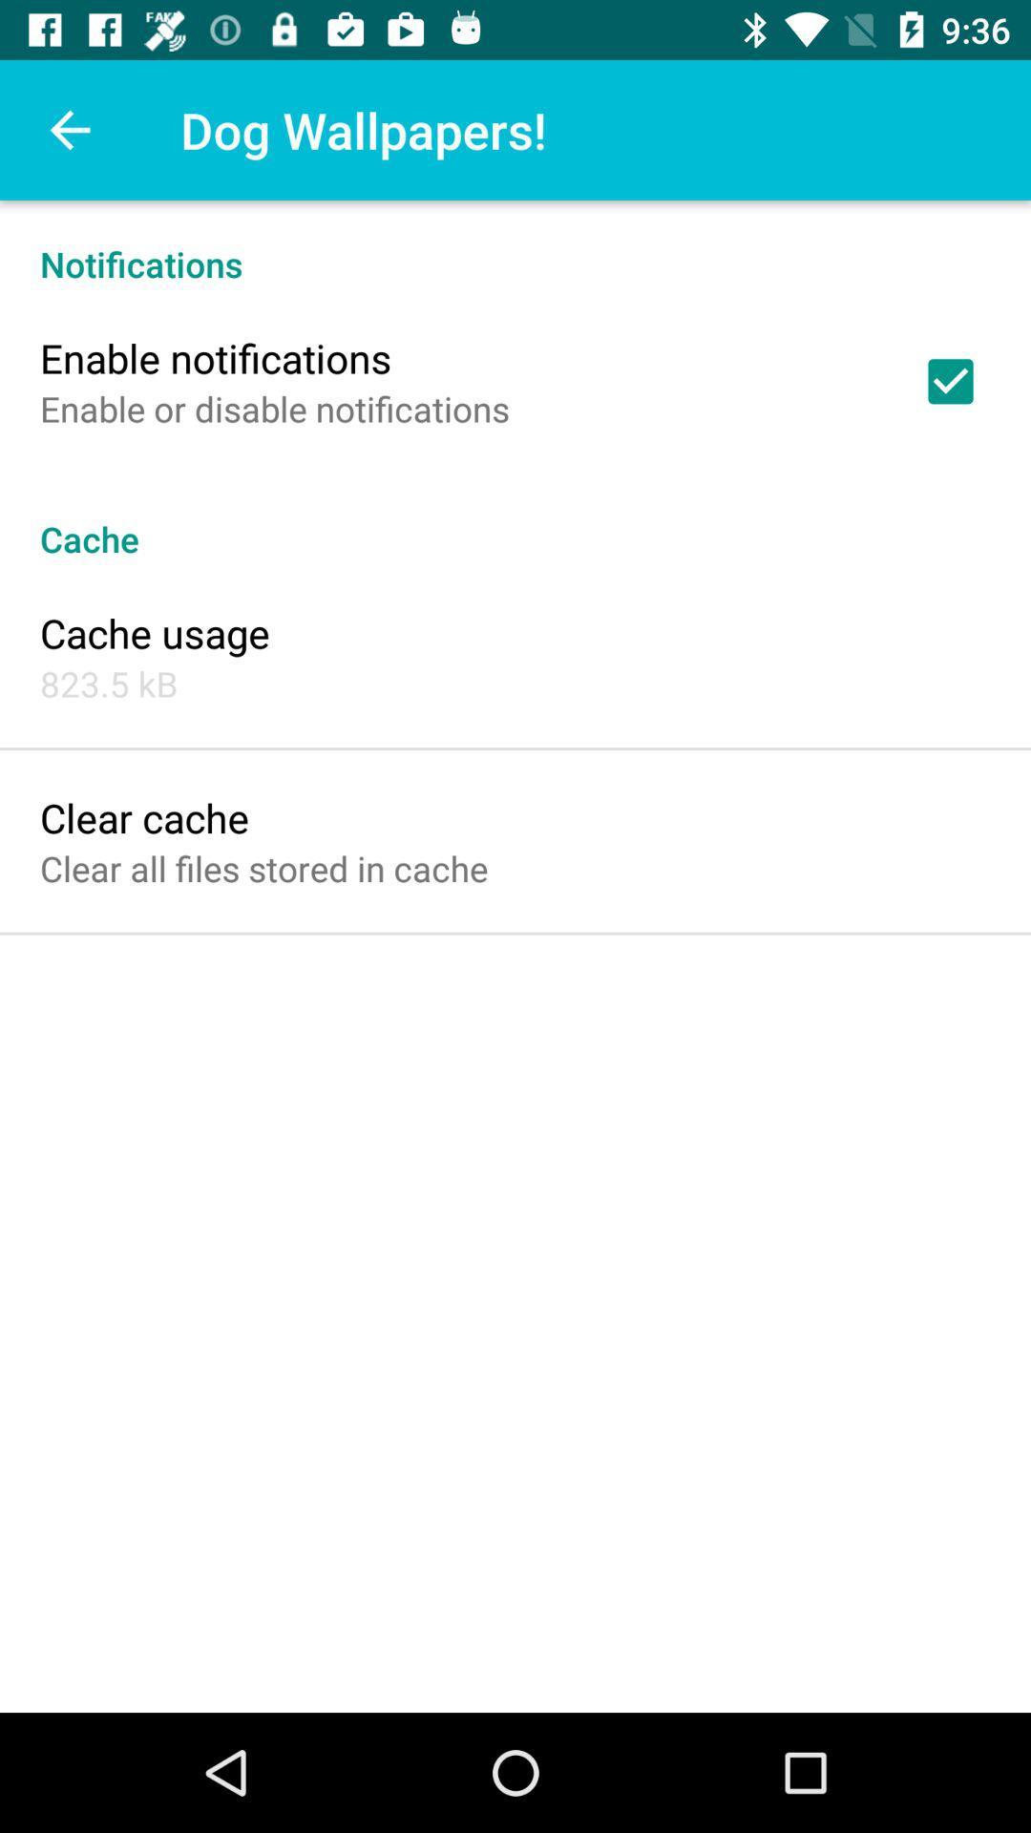 Image resolution: width=1031 pixels, height=1833 pixels. I want to click on the item to the left of dog wallpapers!, so click(69, 129).